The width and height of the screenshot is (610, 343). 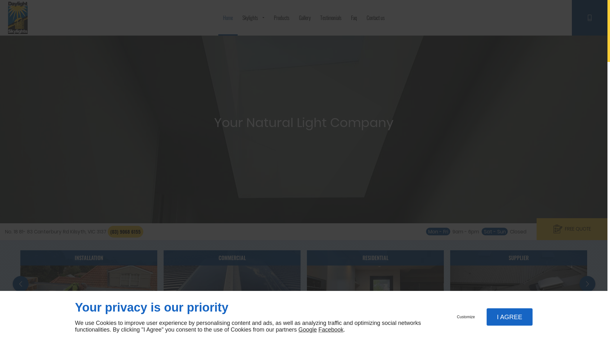 I want to click on 'Gallery', so click(x=304, y=17).